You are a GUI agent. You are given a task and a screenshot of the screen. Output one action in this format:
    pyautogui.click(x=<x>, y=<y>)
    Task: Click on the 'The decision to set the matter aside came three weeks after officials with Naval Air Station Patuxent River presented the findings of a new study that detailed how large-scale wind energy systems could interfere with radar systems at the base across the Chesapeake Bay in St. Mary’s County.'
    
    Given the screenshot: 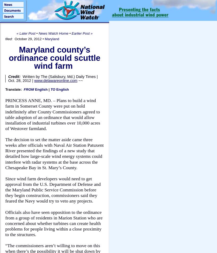 What is the action you would take?
    pyautogui.click(x=54, y=153)
    